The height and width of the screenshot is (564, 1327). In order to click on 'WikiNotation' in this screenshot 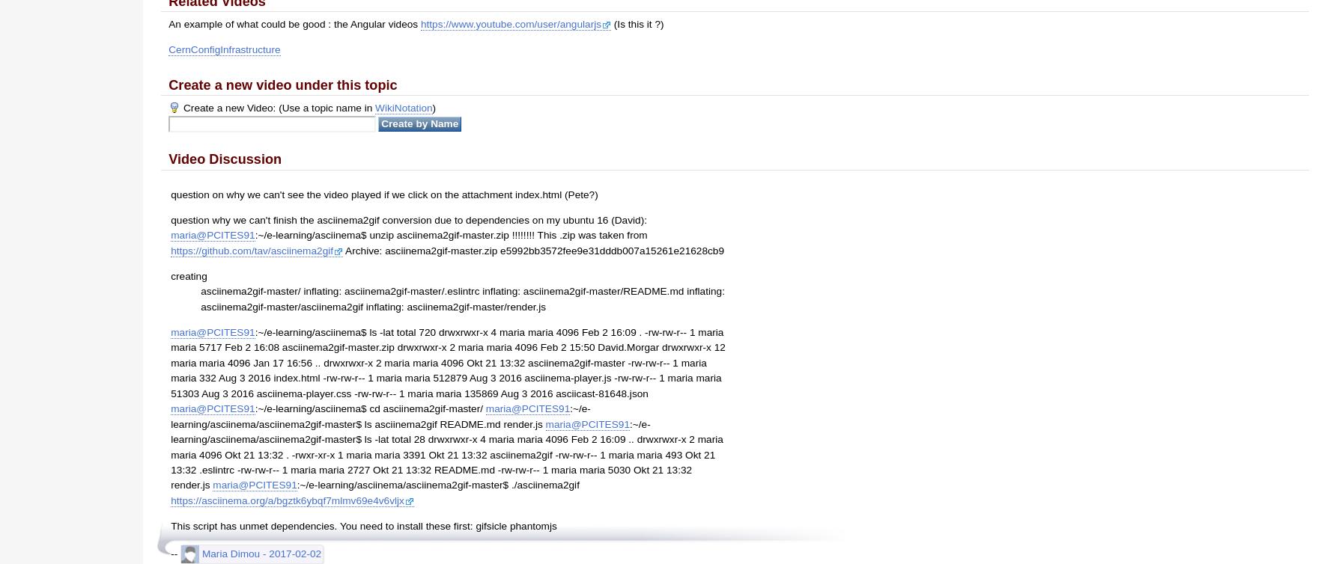, I will do `click(374, 107)`.